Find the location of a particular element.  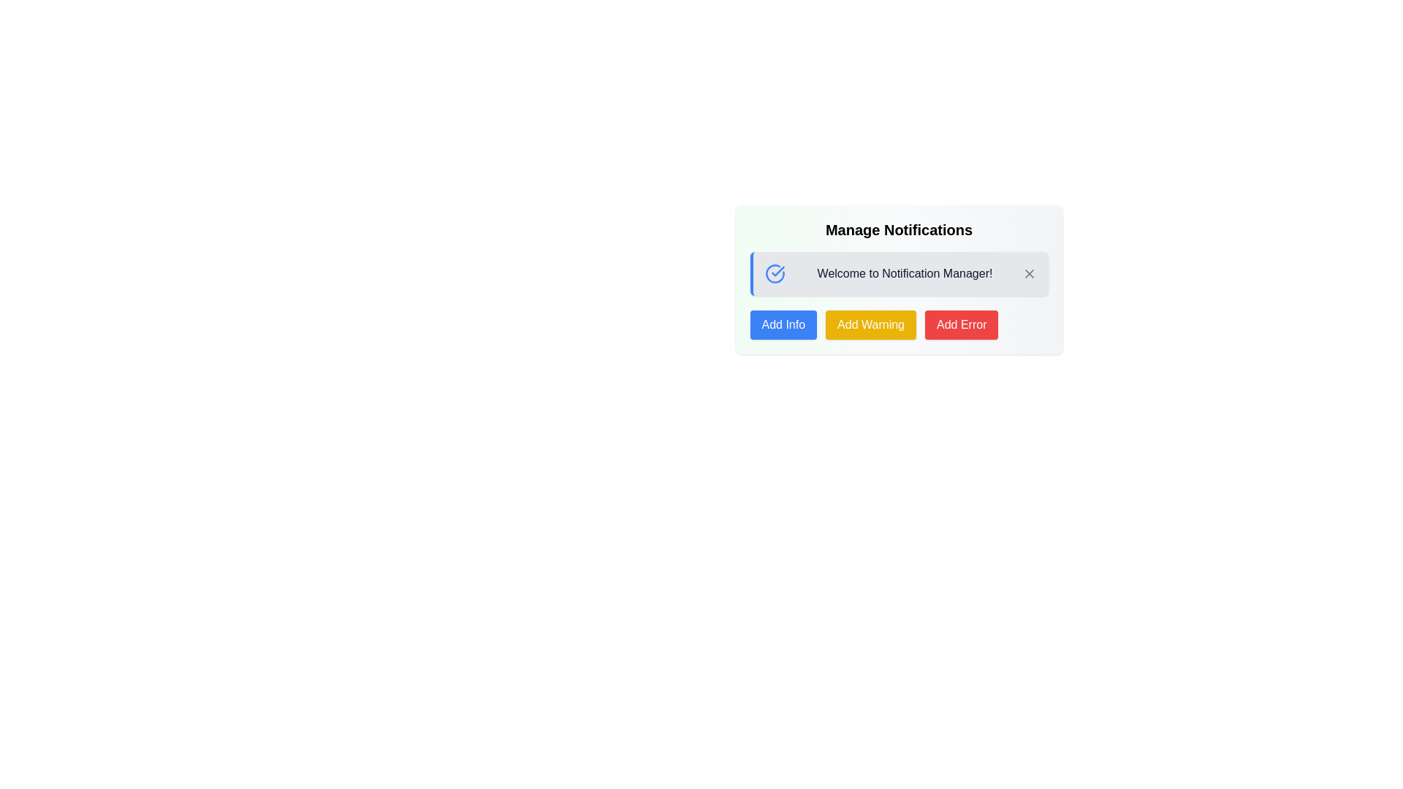

the Close icon (styled as a minimalist 'X') located at the top-right corner of the notification box below 'Manage Notifications' and adjacent to 'Welcome to Notification Manager!' is located at coordinates (1028, 273).